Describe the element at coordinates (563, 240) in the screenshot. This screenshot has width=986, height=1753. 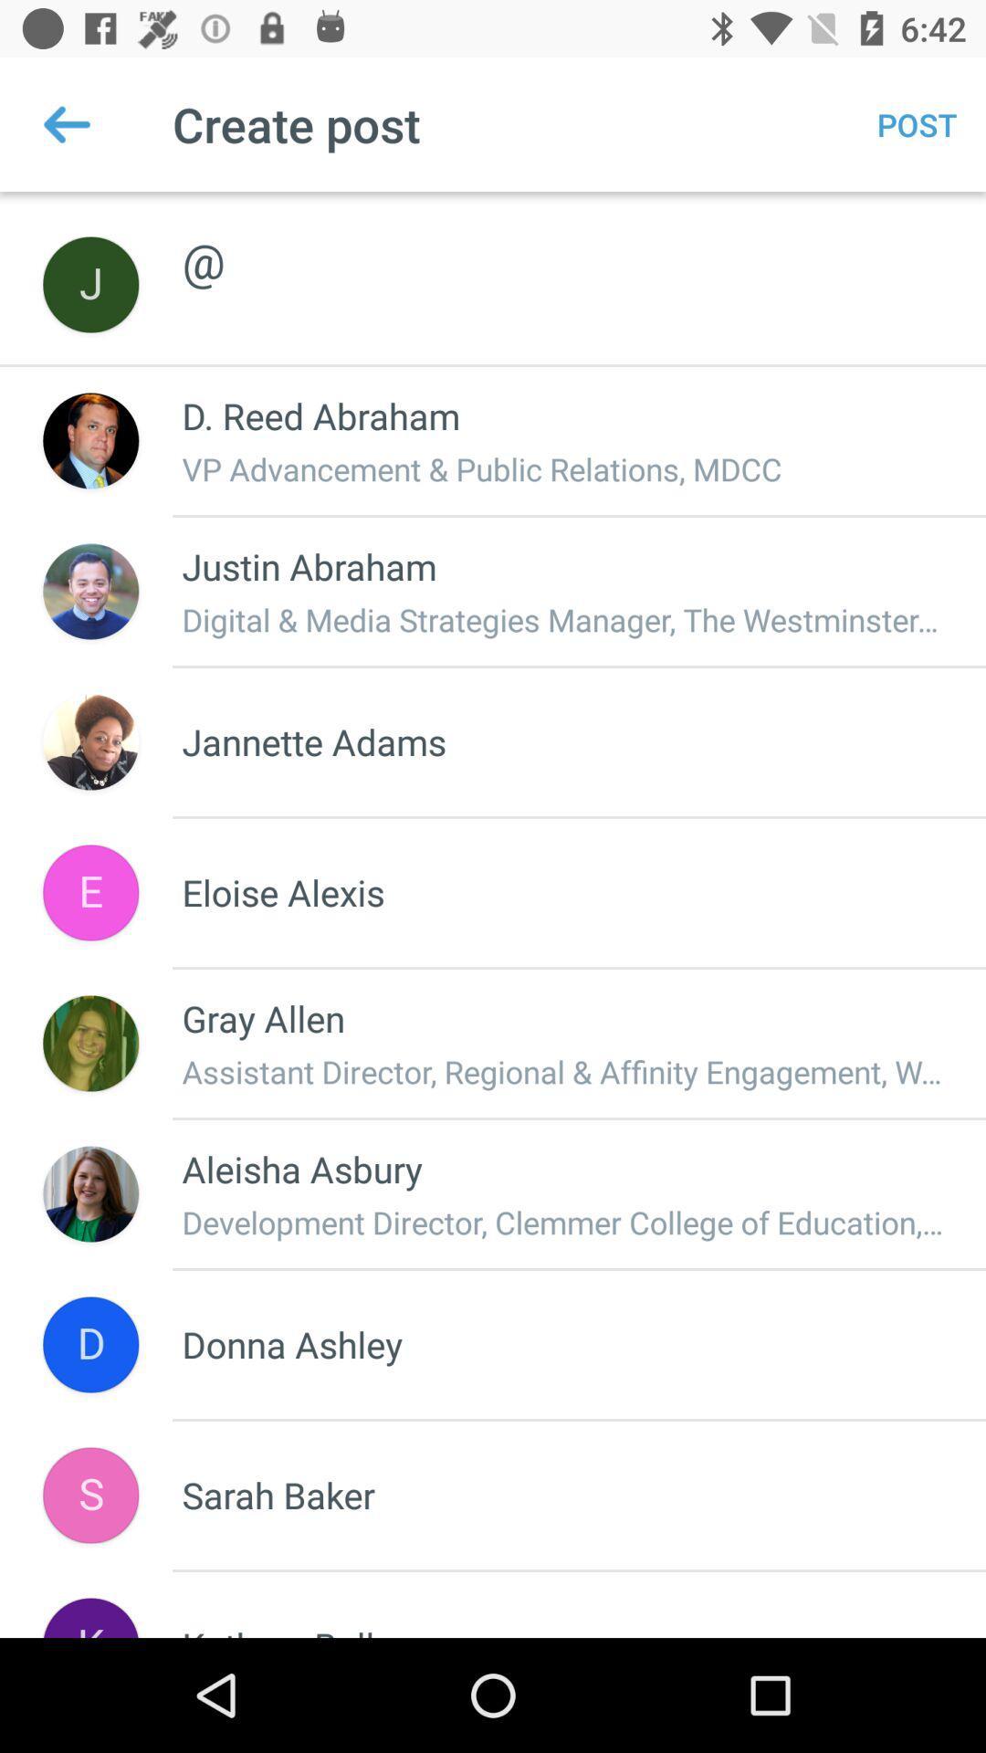
I see `the @ icon` at that location.